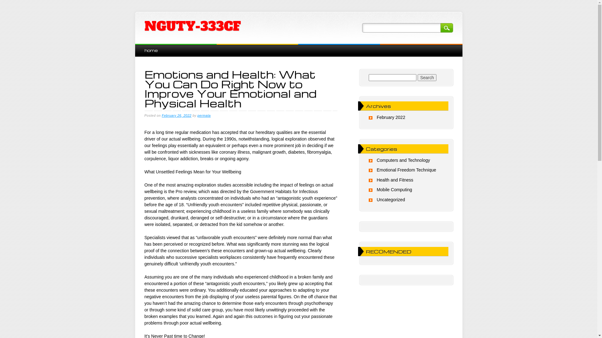  What do you see at coordinates (403, 160) in the screenshot?
I see `'Computers and Technology'` at bounding box center [403, 160].